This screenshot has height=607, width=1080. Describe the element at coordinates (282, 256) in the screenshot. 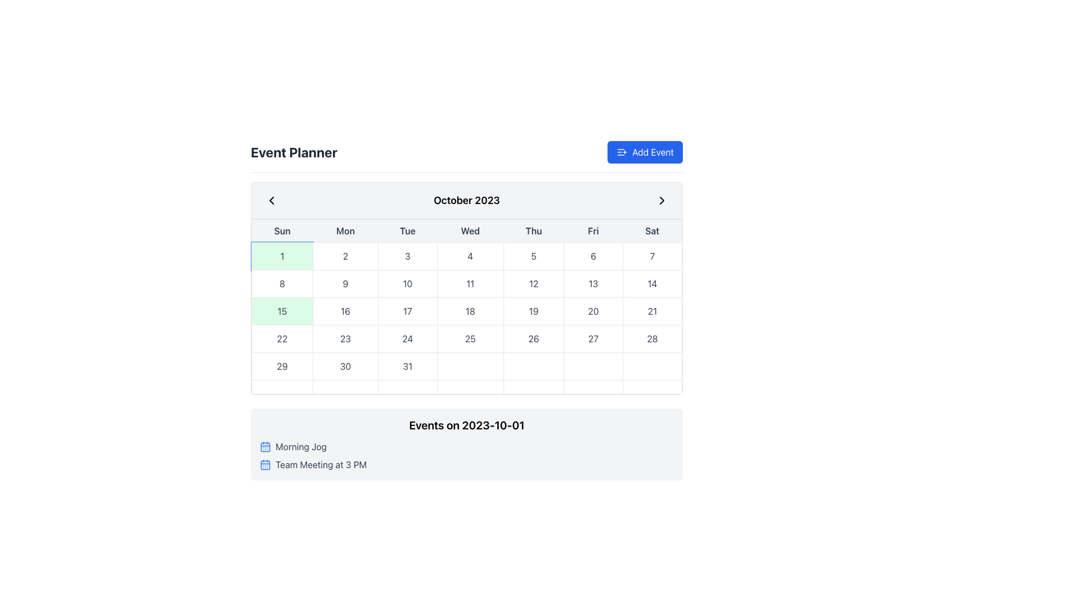

I see `the light green square button displaying the number '1'` at that location.